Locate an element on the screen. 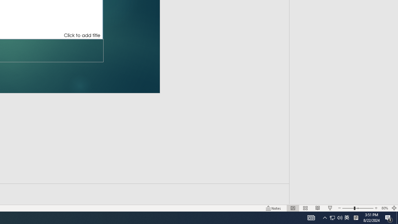  'Action Center, 1 new notification' is located at coordinates (389, 217).